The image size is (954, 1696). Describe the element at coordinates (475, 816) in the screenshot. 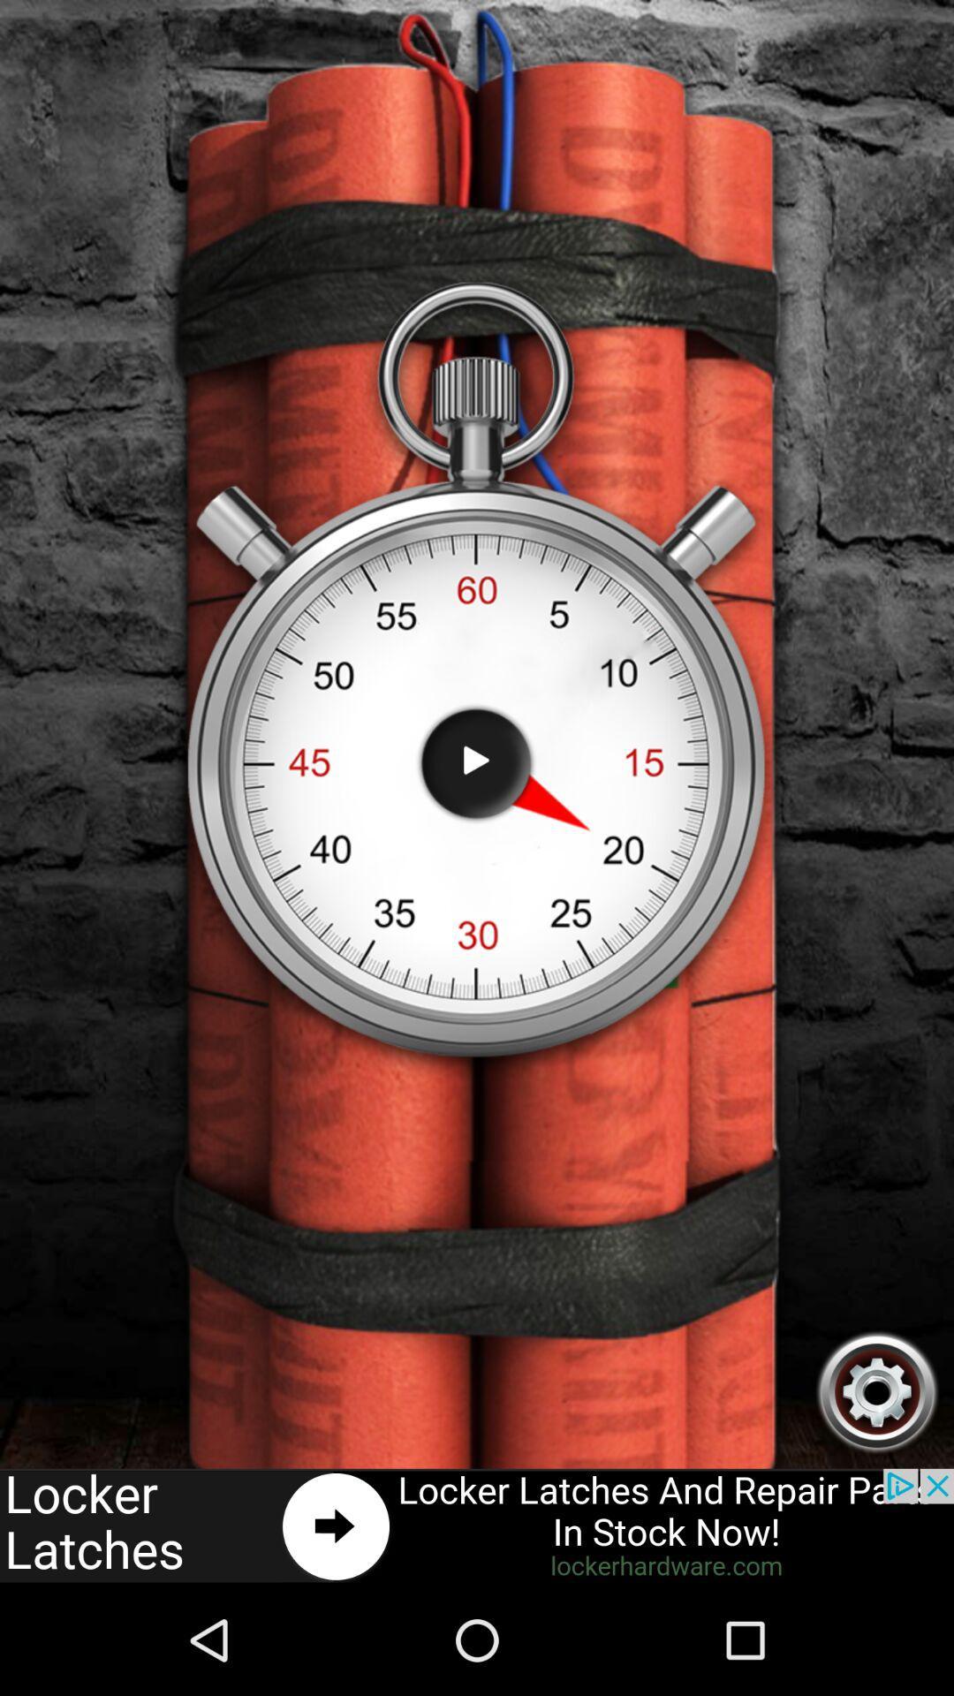

I see `the play icon` at that location.